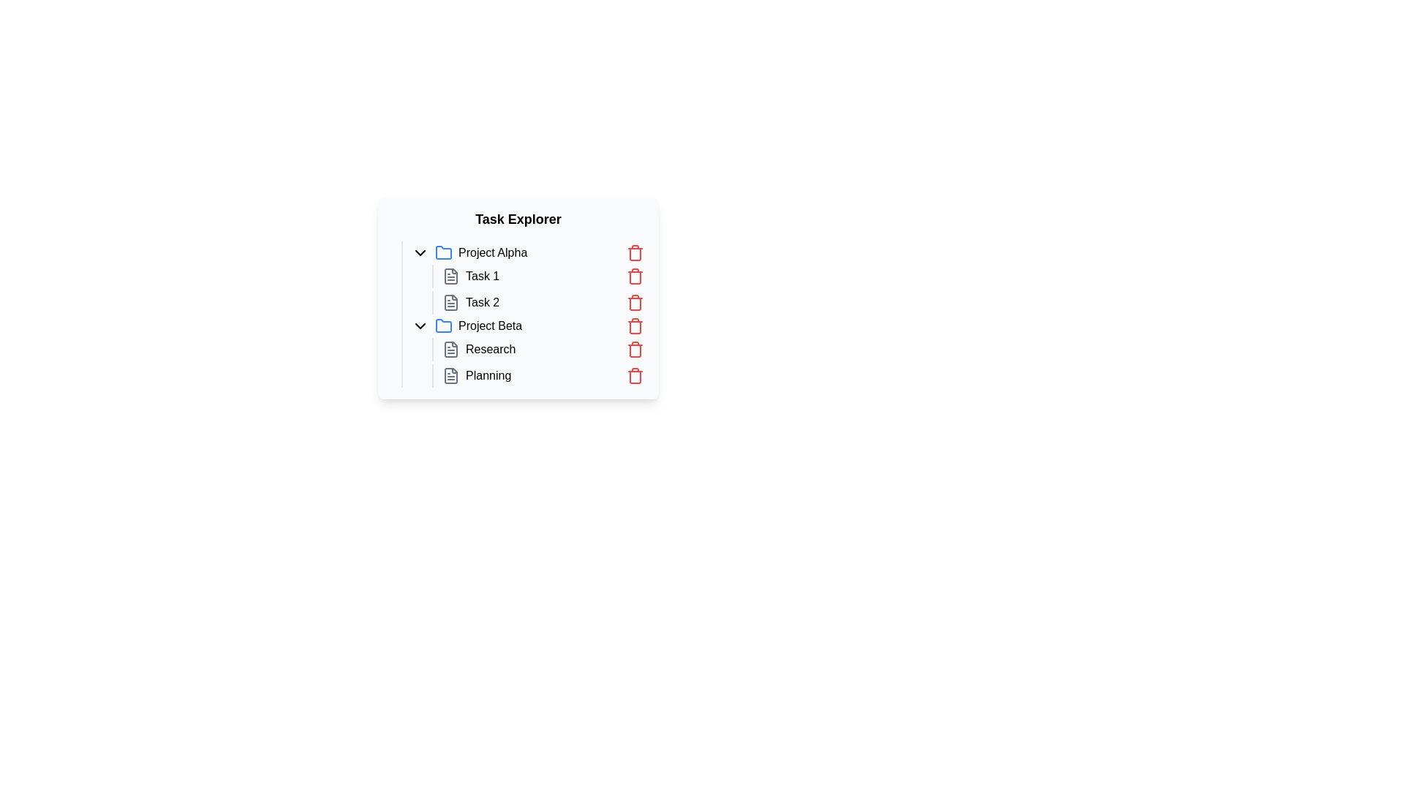 The image size is (1404, 790). What do you see at coordinates (543, 350) in the screenshot?
I see `the task named 'Research' under the 'Project Beta' folder` at bounding box center [543, 350].